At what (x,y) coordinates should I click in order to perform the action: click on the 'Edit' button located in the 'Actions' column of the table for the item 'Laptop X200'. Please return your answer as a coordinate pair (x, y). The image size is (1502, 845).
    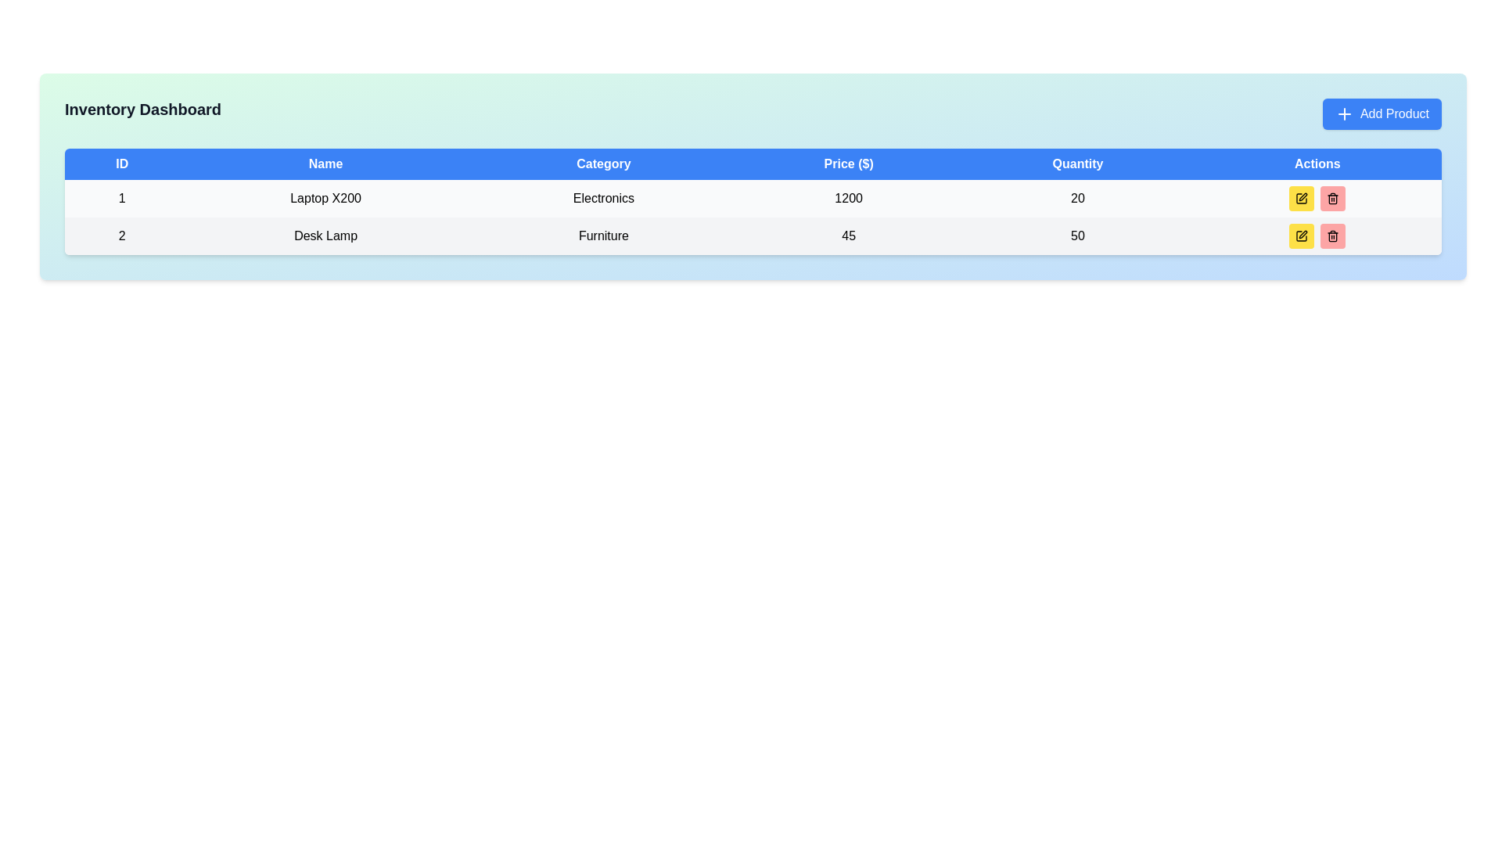
    Looking at the image, I should click on (1302, 198).